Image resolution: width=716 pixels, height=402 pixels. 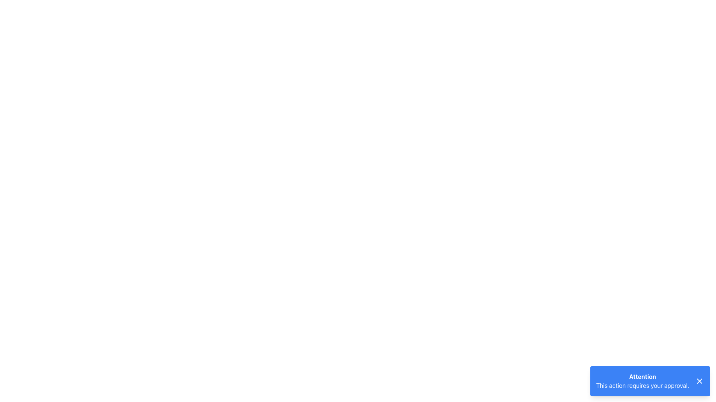 What do you see at coordinates (642, 376) in the screenshot?
I see `the text label that serves as a heading for the message below, which states 'This action requires your approval.'` at bounding box center [642, 376].